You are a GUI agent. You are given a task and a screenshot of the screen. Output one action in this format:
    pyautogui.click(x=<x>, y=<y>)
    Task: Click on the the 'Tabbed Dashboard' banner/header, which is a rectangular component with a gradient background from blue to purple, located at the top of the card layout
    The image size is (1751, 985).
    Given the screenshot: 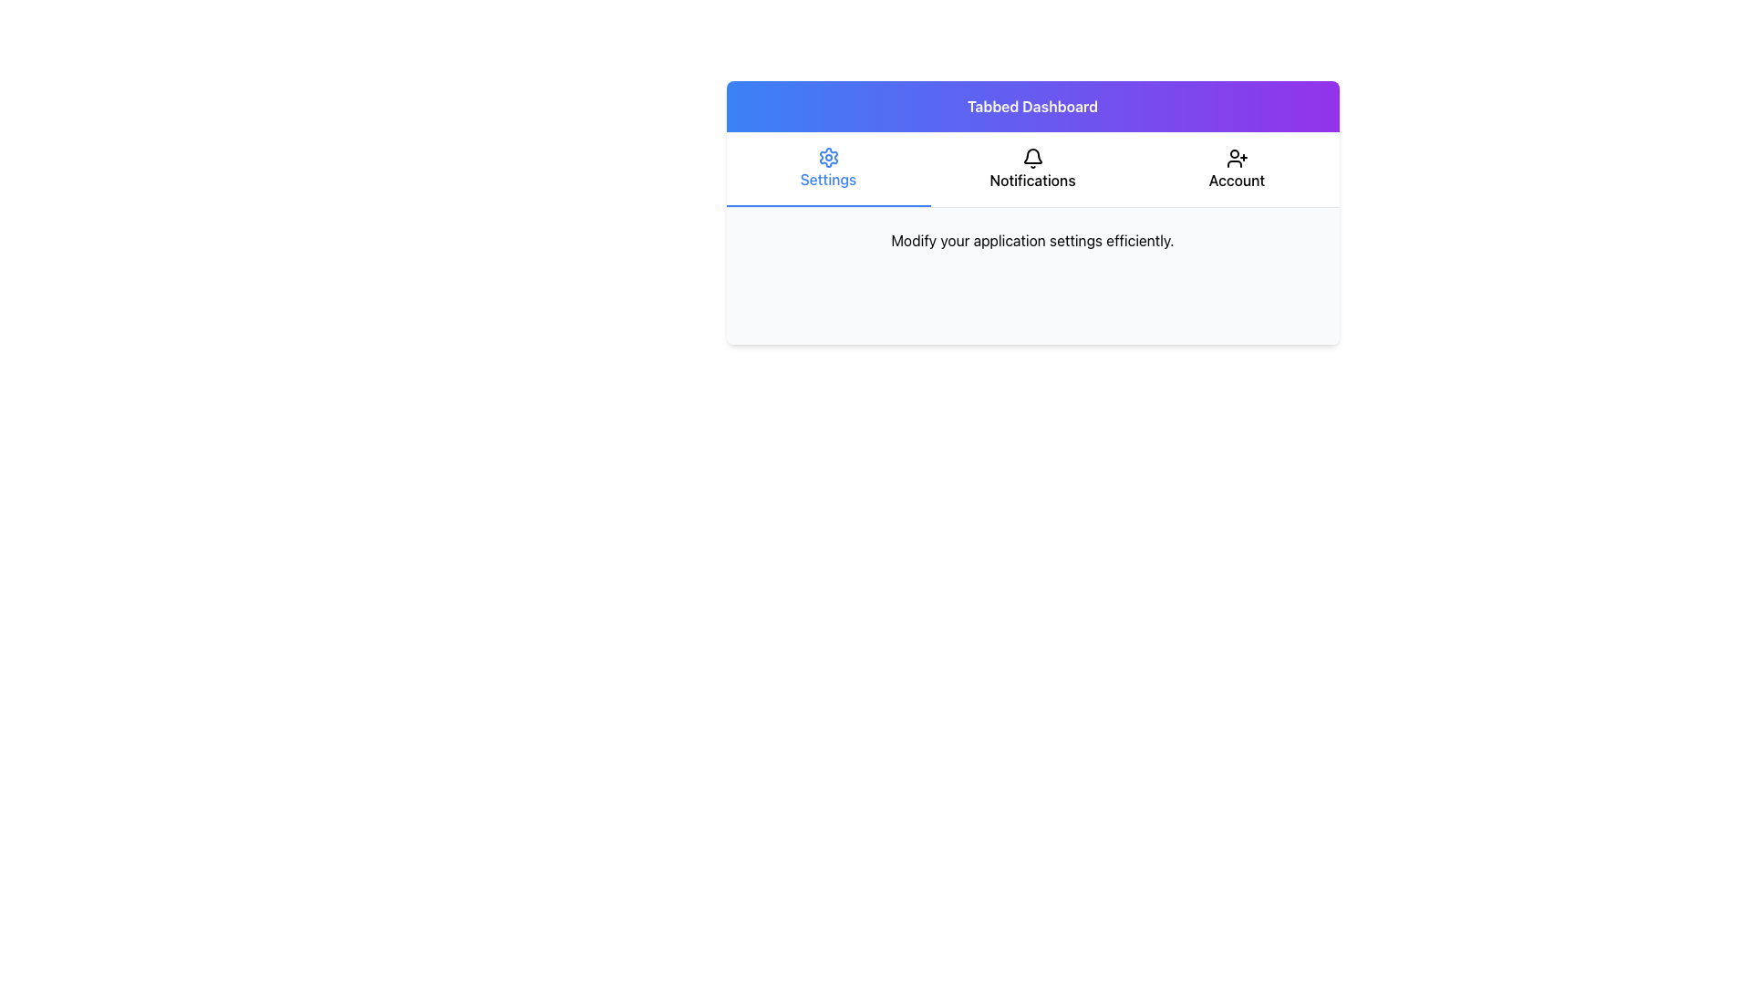 What is the action you would take?
    pyautogui.click(x=1032, y=106)
    